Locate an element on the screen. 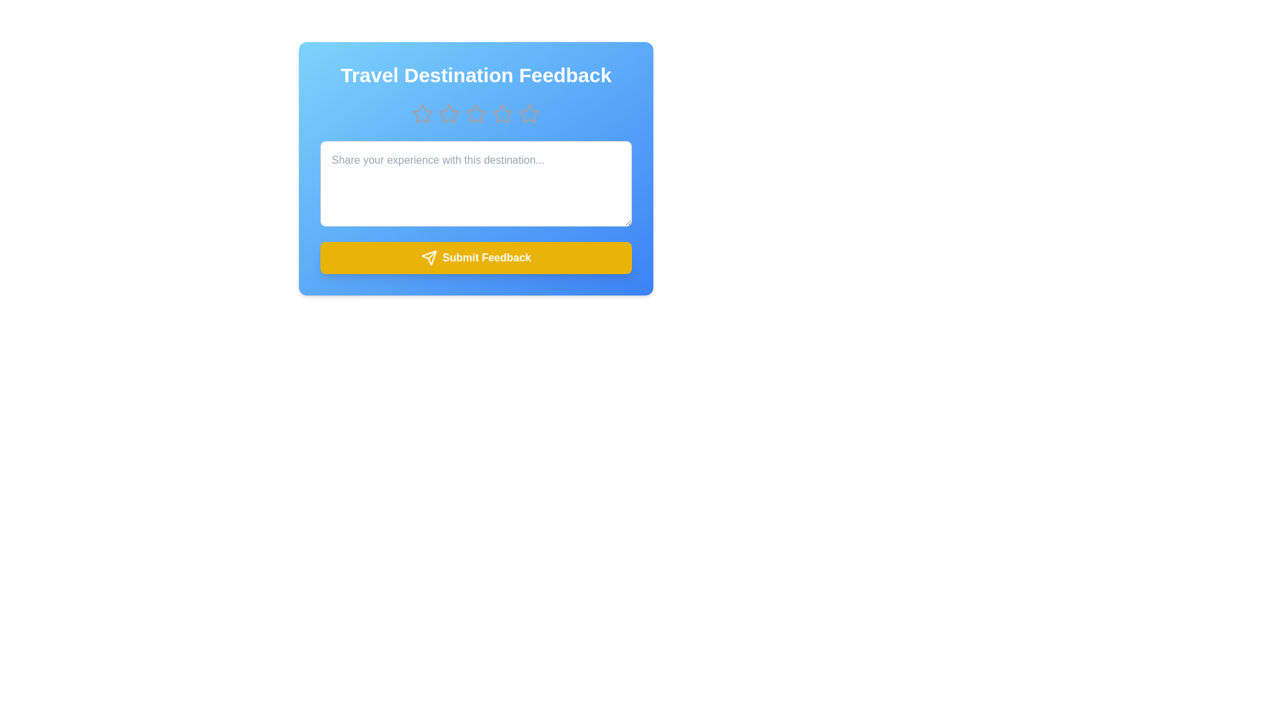 Image resolution: width=1284 pixels, height=722 pixels. the text area to focus and enable keyboard input is located at coordinates (475, 183).